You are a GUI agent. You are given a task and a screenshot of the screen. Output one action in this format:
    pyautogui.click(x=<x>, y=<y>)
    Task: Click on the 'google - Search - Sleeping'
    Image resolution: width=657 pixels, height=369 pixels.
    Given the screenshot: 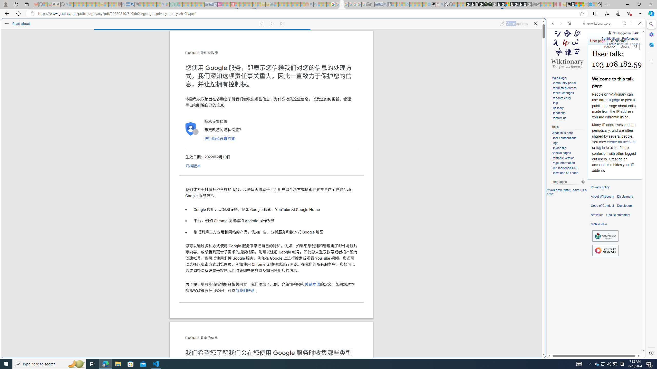 What is the action you would take?
    pyautogui.click(x=162, y=4)
    